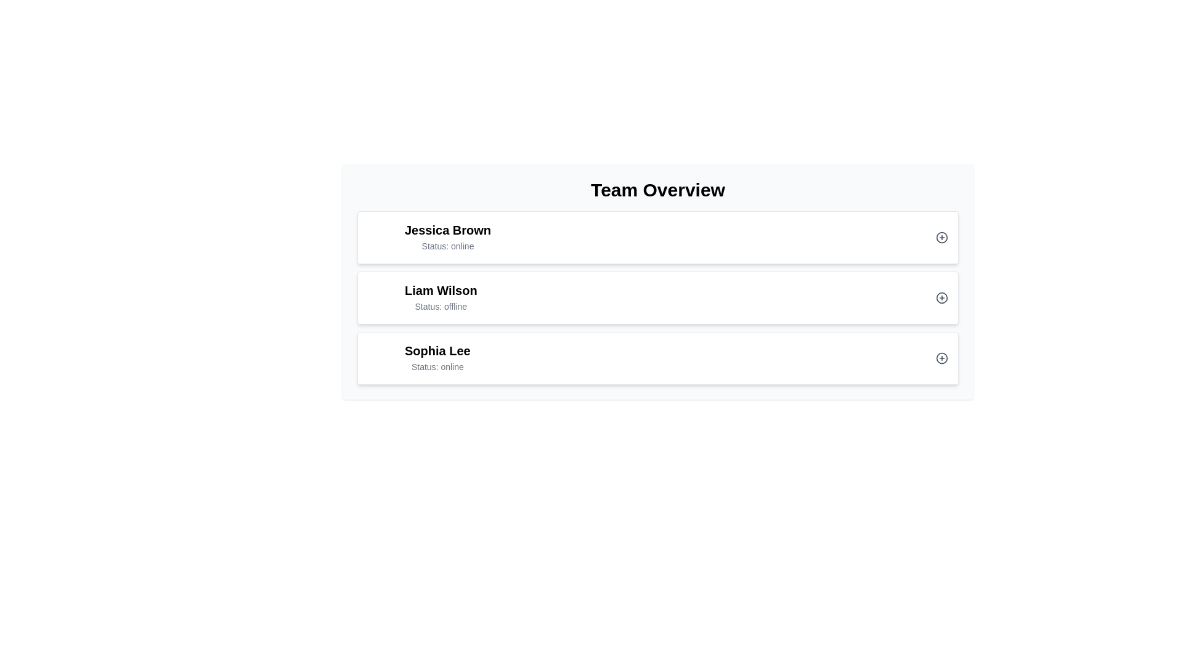  Describe the element at coordinates (419, 358) in the screenshot. I see `name 'Sophia Lee' and status 'Status: online' from the list item that features a circular icon with initials 'SL' and is positioned as the third item in a vertical list of team members` at that location.